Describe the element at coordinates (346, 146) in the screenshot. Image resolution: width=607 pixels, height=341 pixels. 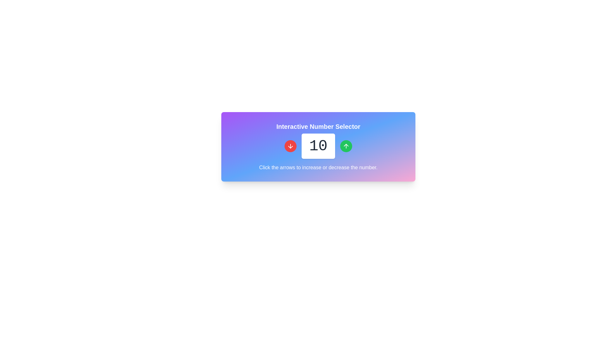
I see `the green increment button located to the right of the numeric display to increase the displayed value` at that location.